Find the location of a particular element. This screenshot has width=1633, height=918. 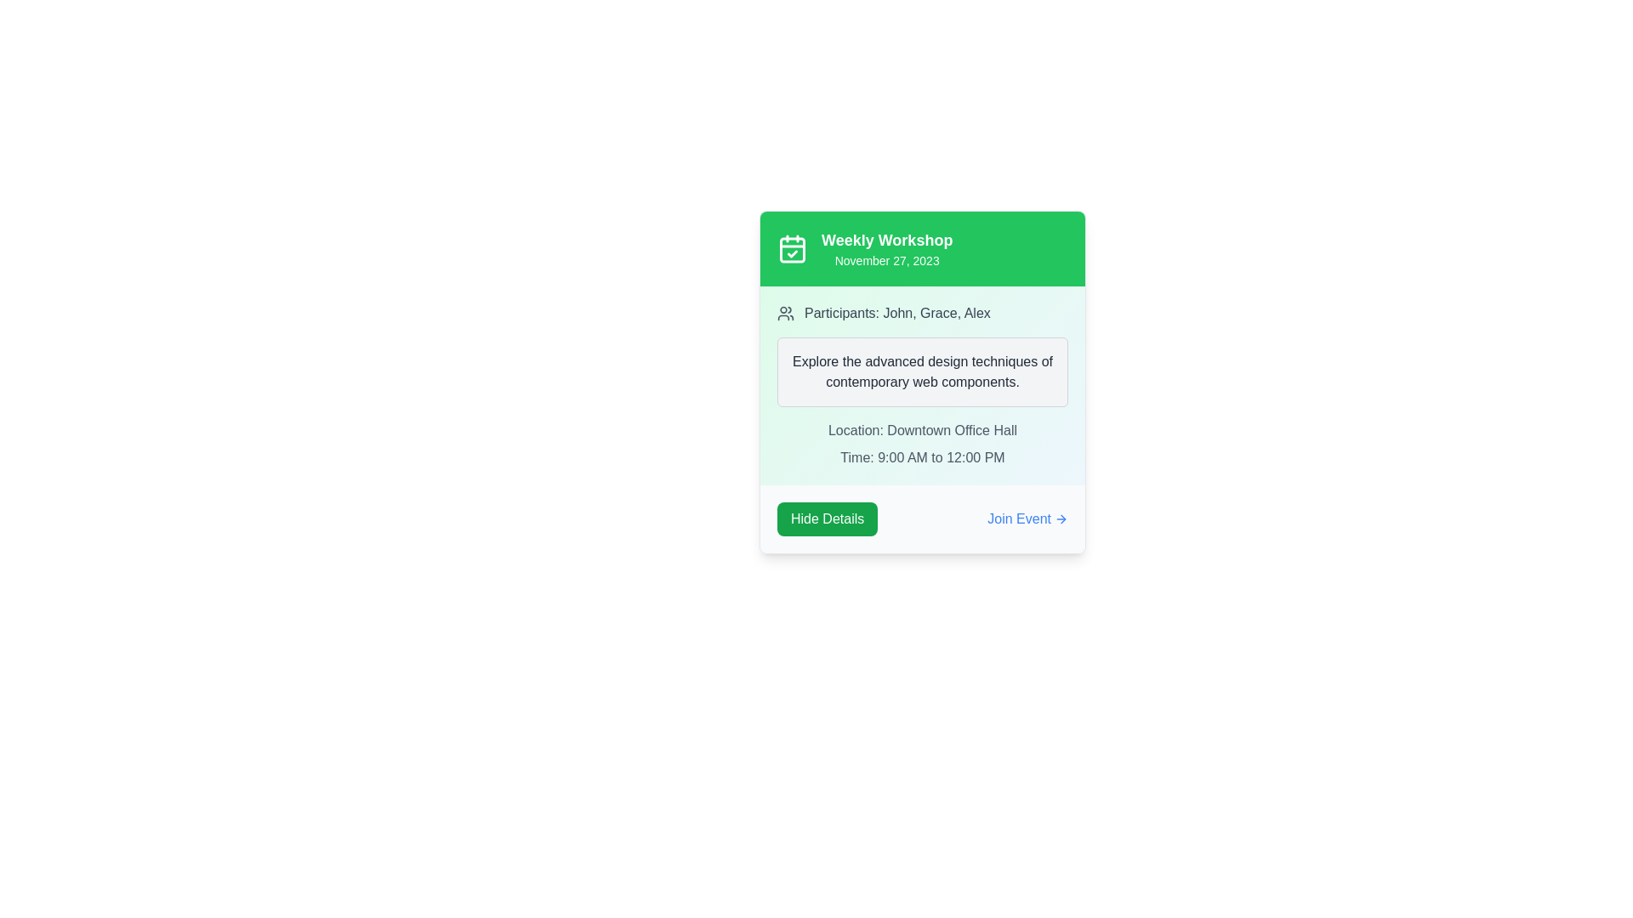

text content of the Text block providing contextual information about the event's location and time, positioned beneath the description text in the card UI is located at coordinates (921, 444).